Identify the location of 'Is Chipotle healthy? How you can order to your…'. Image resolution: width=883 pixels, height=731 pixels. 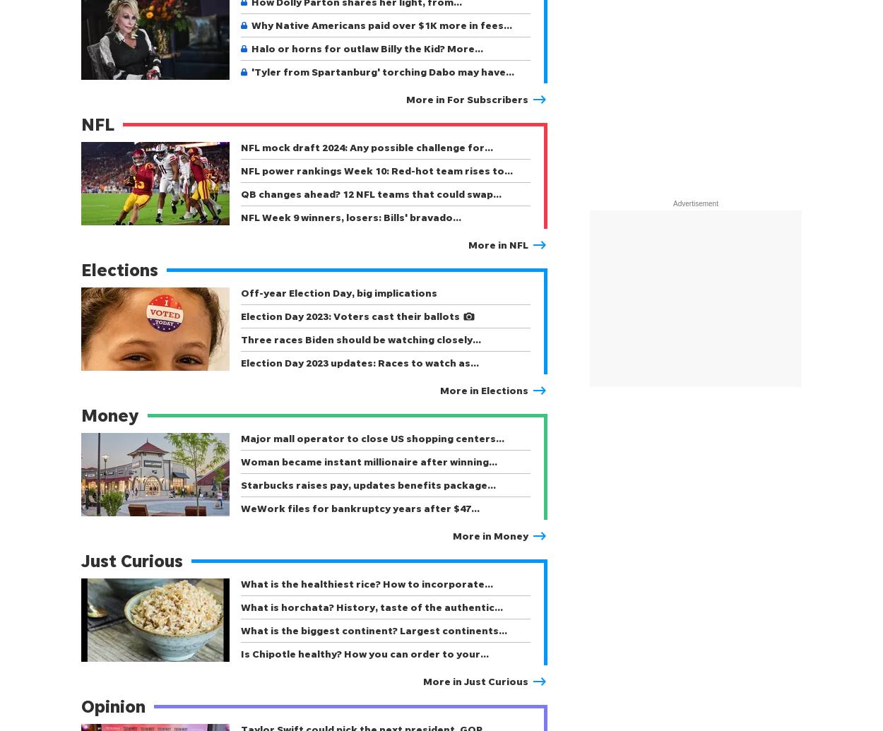
(365, 653).